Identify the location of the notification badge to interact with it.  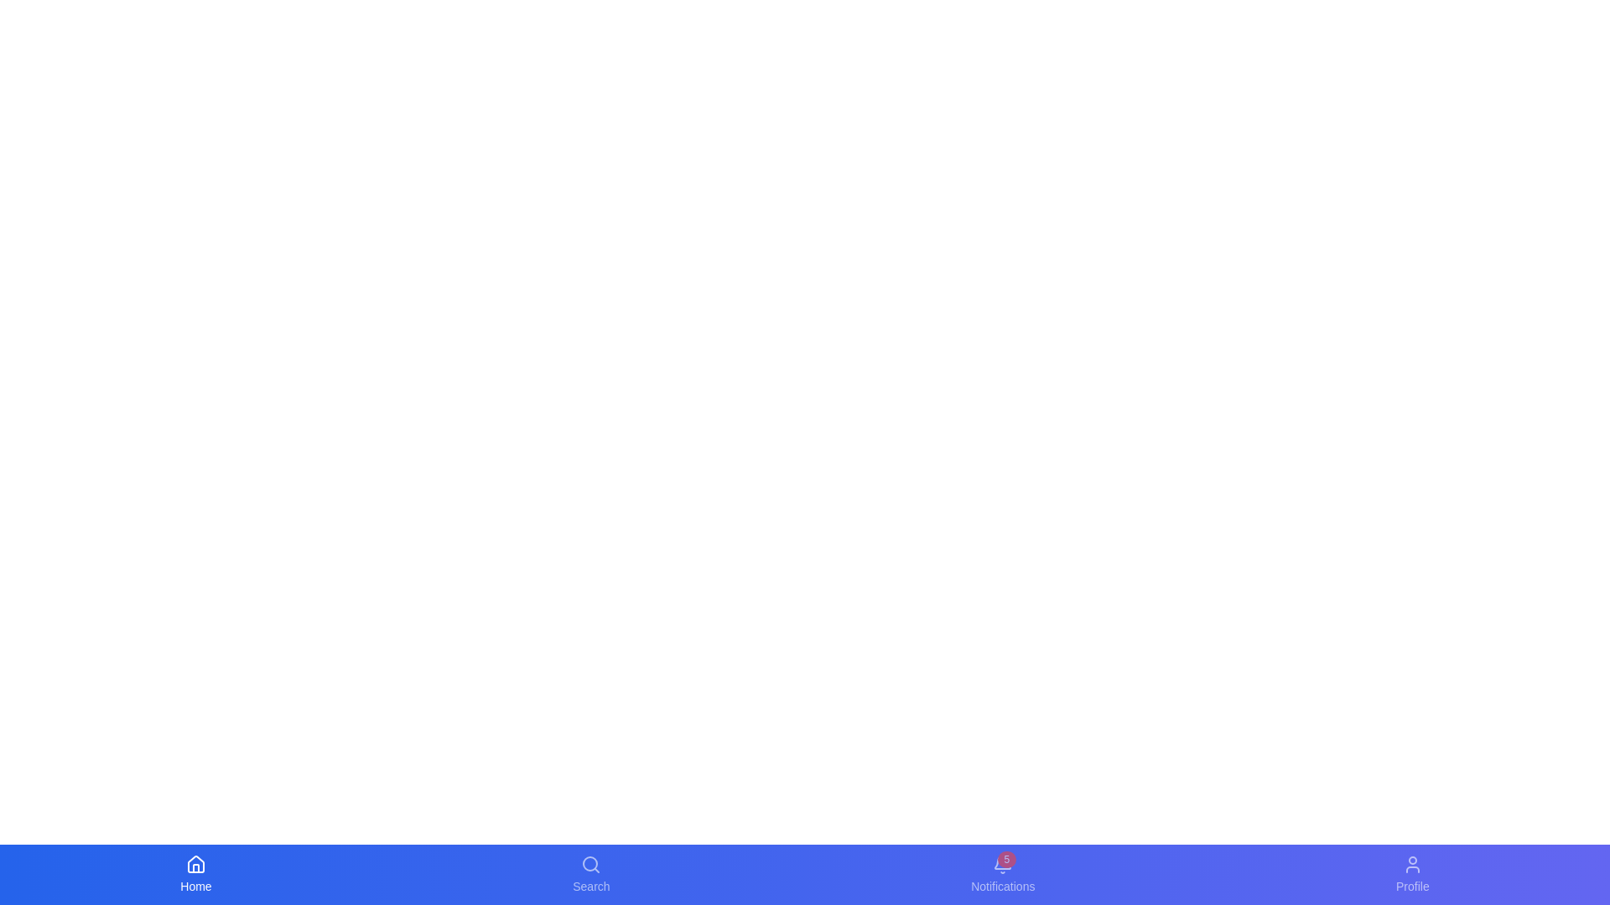
(1006, 860).